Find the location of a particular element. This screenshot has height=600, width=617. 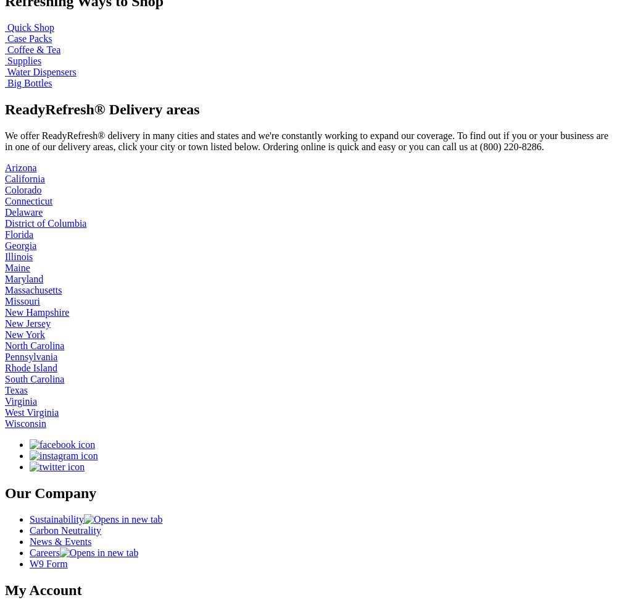

'W9 Form' is located at coordinates (48, 563).